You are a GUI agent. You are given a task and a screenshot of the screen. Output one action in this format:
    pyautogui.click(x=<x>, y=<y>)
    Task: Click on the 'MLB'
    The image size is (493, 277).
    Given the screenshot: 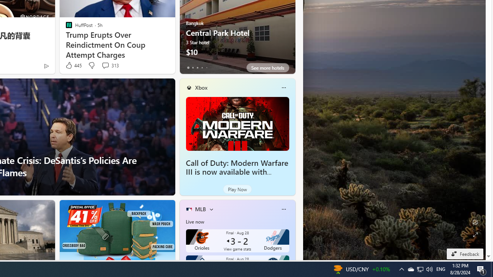 What is the action you would take?
    pyautogui.click(x=200, y=209)
    